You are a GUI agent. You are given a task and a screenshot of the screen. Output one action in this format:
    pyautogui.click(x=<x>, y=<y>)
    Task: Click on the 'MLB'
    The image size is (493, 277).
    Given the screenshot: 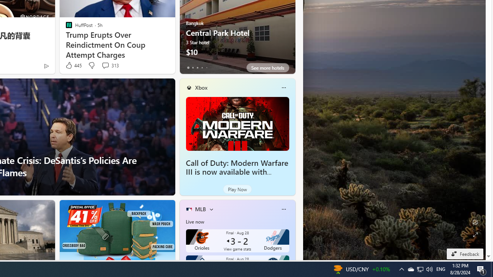 What is the action you would take?
    pyautogui.click(x=200, y=209)
    